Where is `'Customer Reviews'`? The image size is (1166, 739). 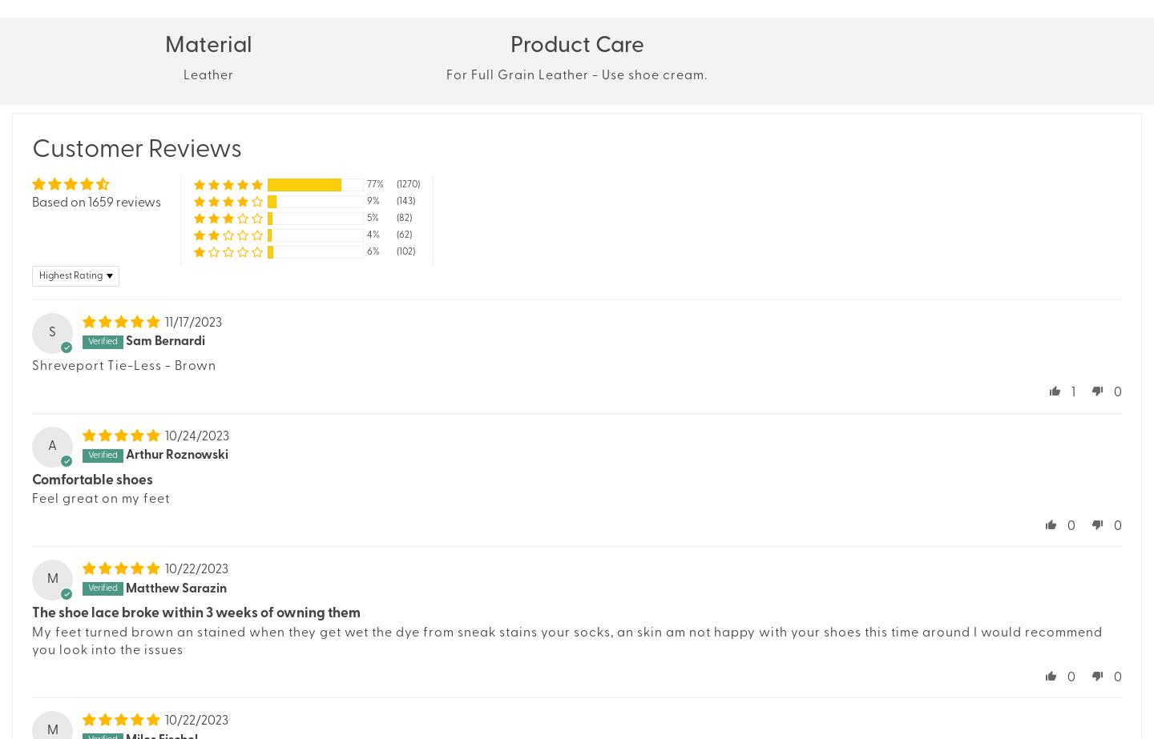 'Customer Reviews' is located at coordinates (136, 149).